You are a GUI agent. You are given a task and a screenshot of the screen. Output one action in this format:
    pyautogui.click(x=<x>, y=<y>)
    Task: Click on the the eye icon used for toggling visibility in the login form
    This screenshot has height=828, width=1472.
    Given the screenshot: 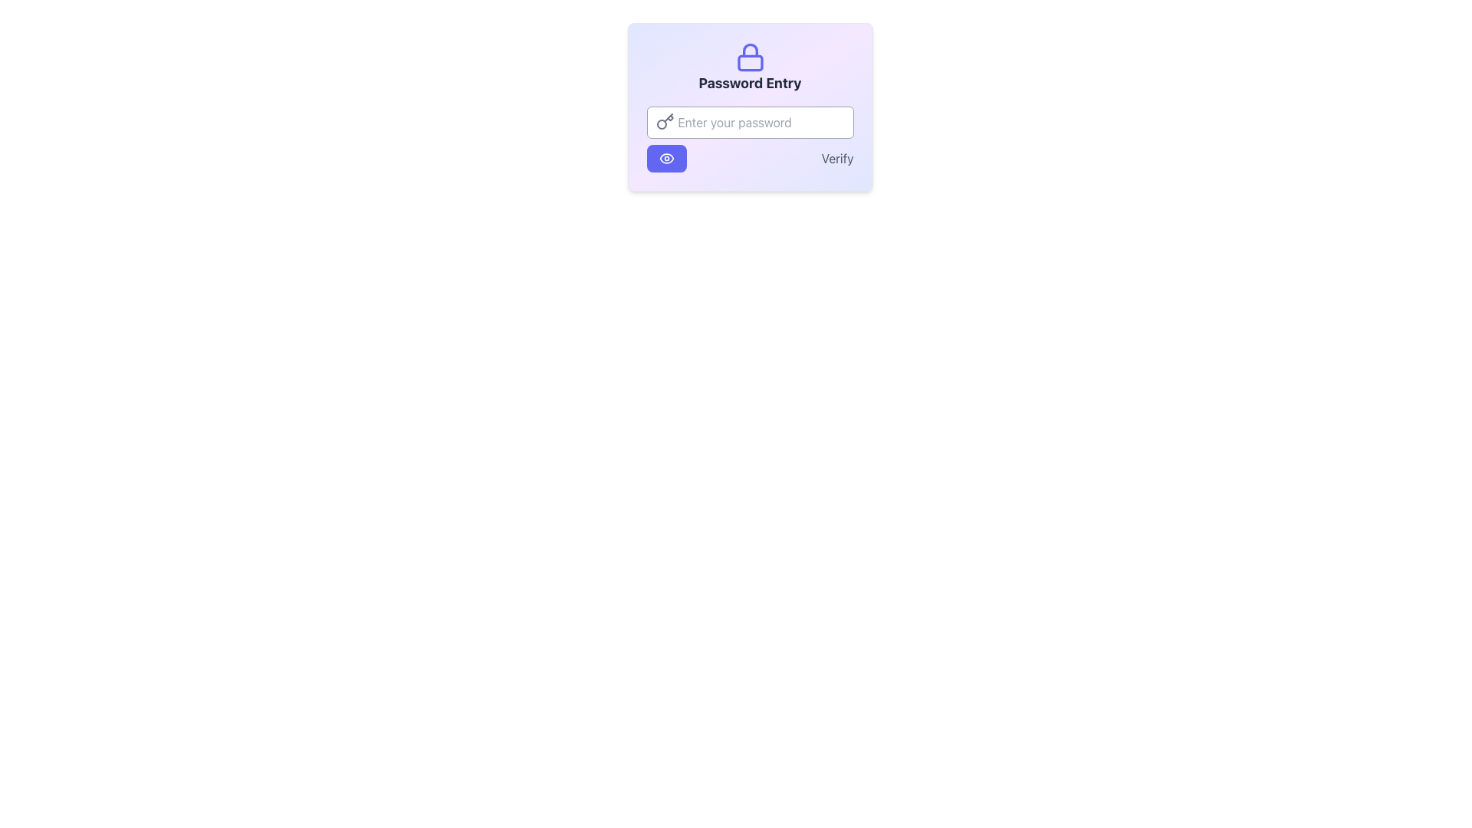 What is the action you would take?
    pyautogui.click(x=666, y=159)
    